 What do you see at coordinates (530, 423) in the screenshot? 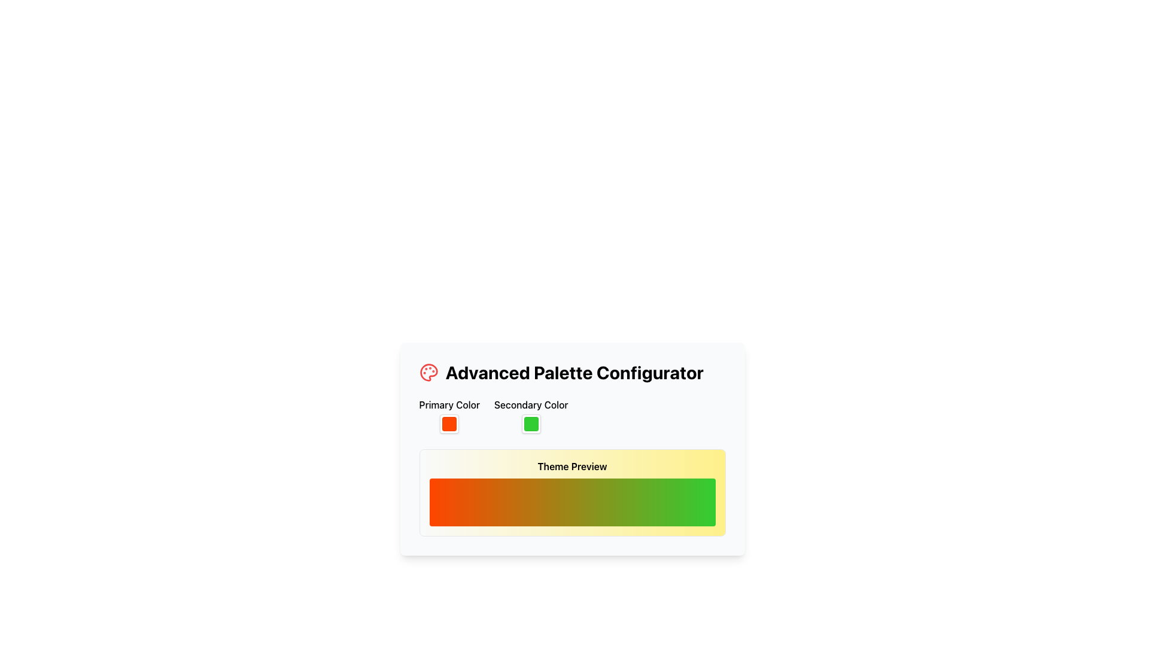
I see `the Color block indicator` at bounding box center [530, 423].